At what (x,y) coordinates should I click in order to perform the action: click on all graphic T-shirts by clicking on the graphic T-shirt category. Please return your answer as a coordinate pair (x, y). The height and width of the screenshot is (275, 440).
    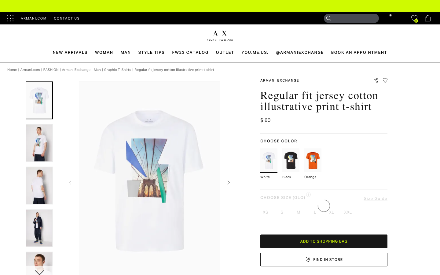
    Looking at the image, I should click on (117, 69).